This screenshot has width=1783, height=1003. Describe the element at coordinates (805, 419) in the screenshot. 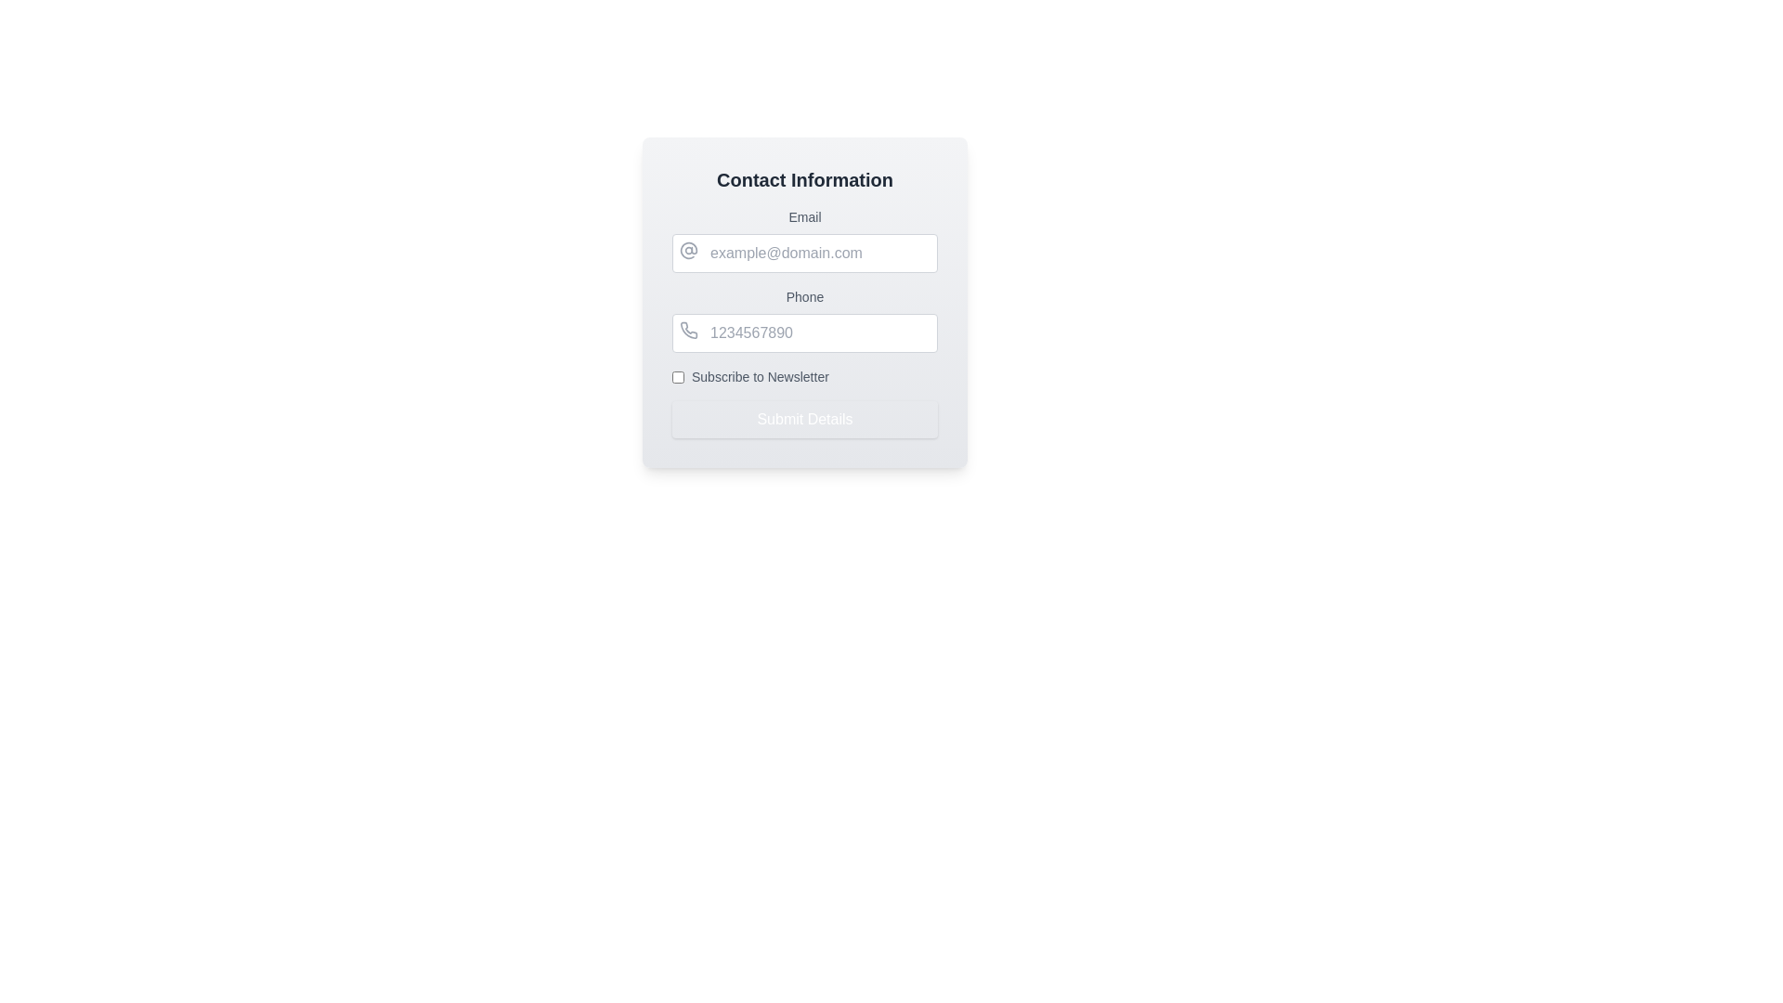

I see `the submission button located below the 'Subscribe to Newsletter' checkbox` at that location.